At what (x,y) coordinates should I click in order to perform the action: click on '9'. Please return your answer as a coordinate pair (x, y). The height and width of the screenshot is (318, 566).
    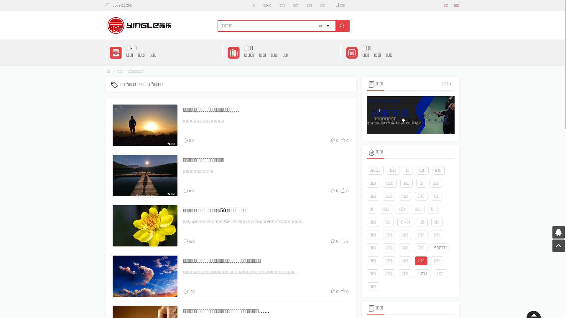
    Looking at the image, I should click on (429, 120).